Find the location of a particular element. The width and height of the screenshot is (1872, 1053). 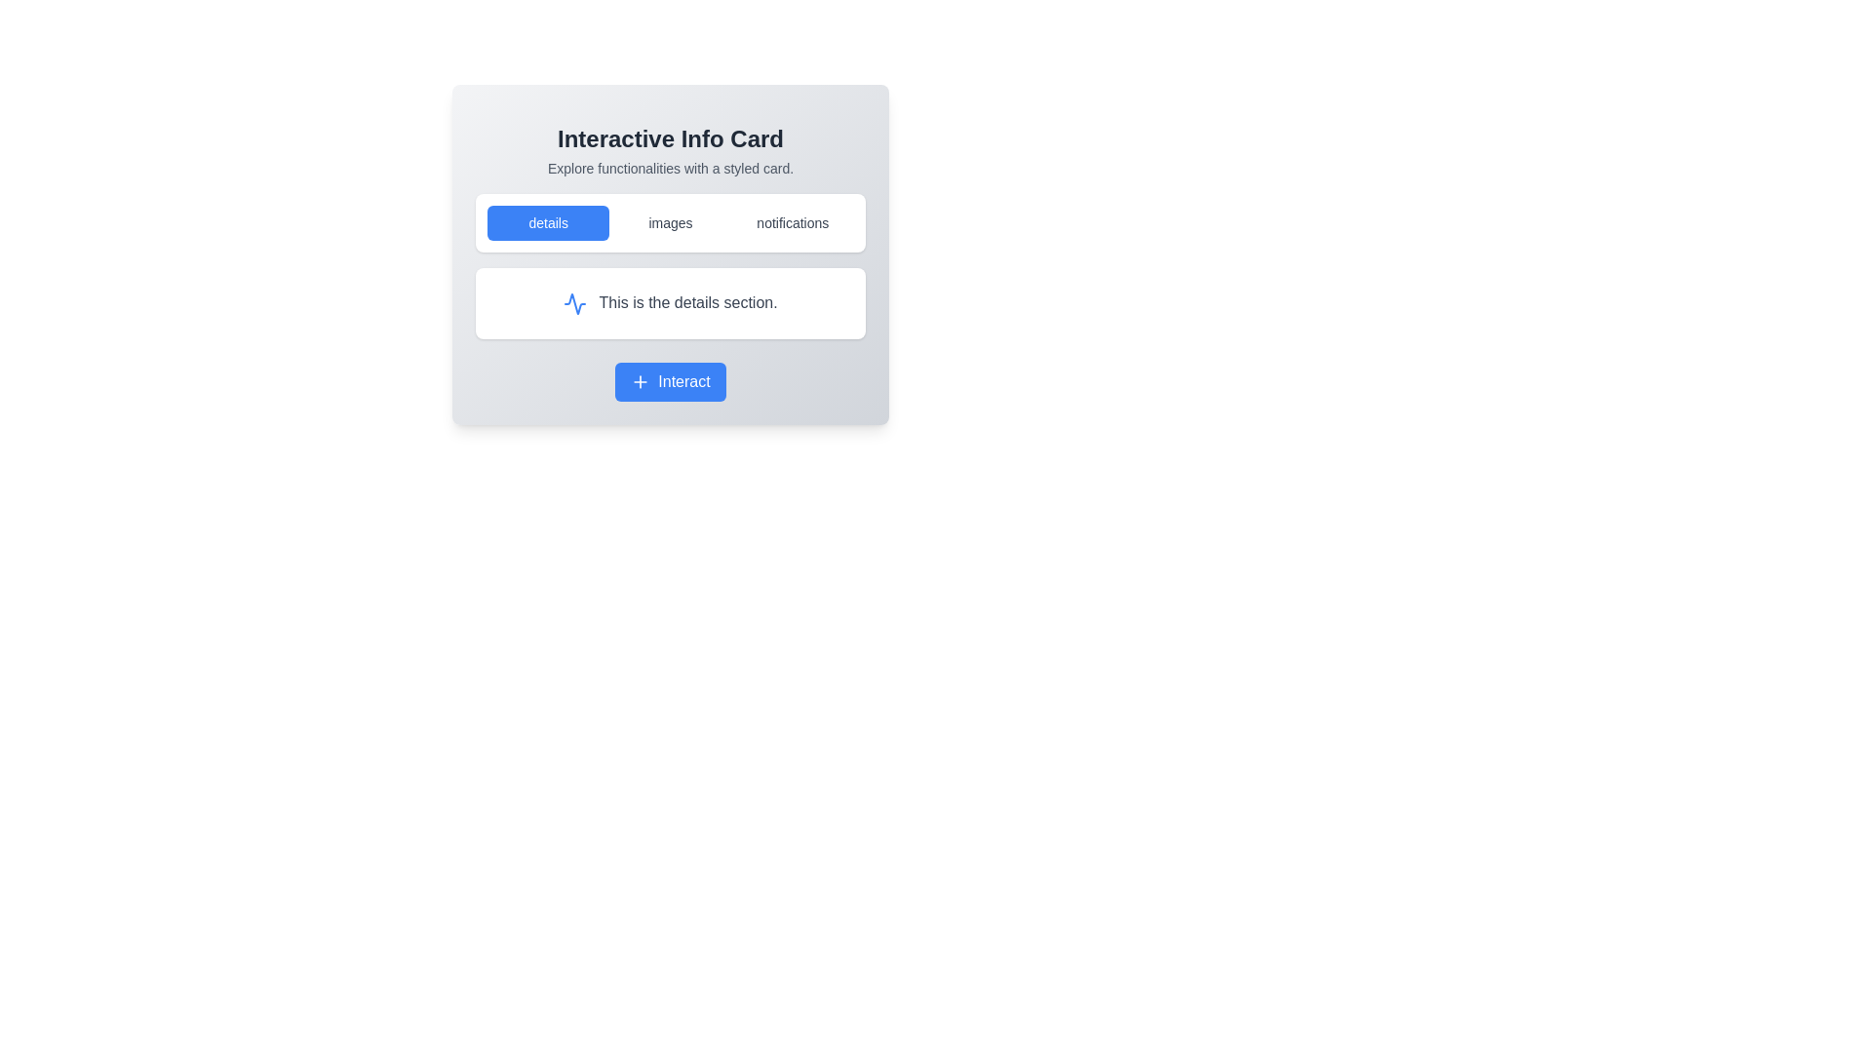

the 'images' button in the Button Group located below the title 'Interactive Info Card' is located at coordinates (670, 221).